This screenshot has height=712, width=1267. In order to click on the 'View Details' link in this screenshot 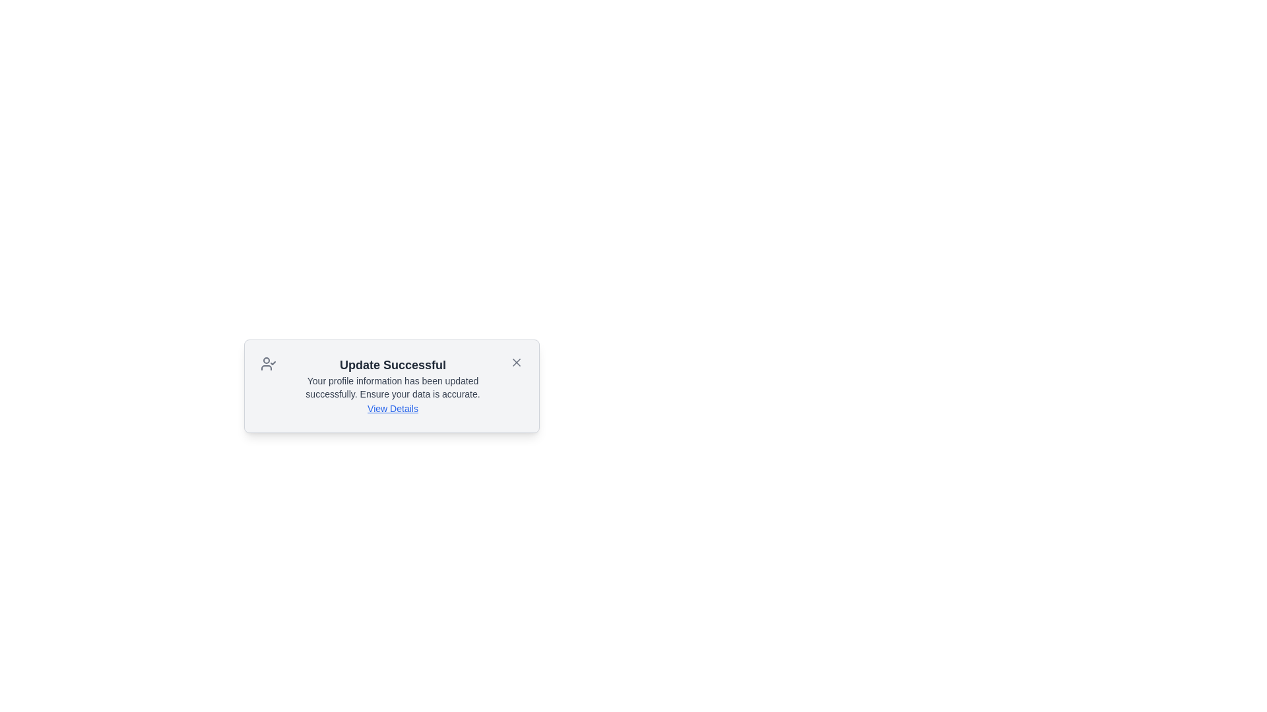, I will do `click(392, 408)`.